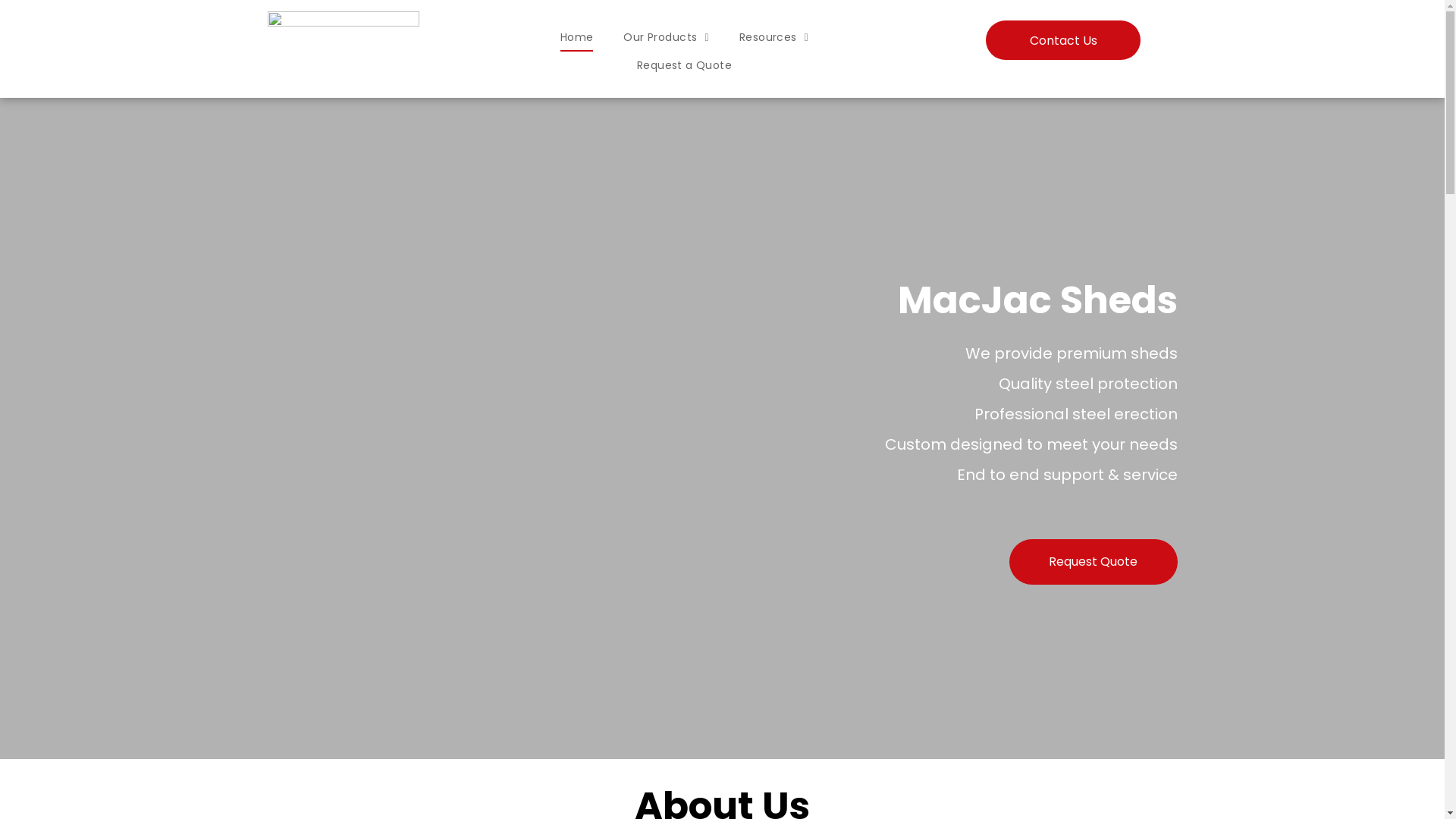  What do you see at coordinates (1092, 561) in the screenshot?
I see `'Request Quote'` at bounding box center [1092, 561].